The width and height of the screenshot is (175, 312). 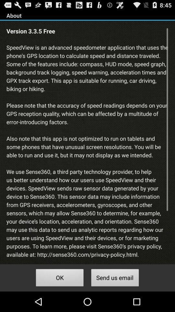 I want to click on icon below speedview is an, so click(x=60, y=278).